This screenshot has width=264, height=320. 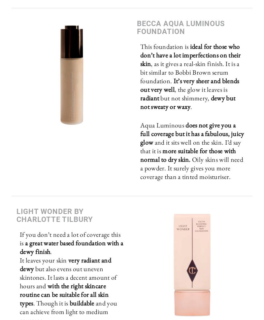 What do you see at coordinates (165, 46) in the screenshot?
I see `'This foundation is'` at bounding box center [165, 46].